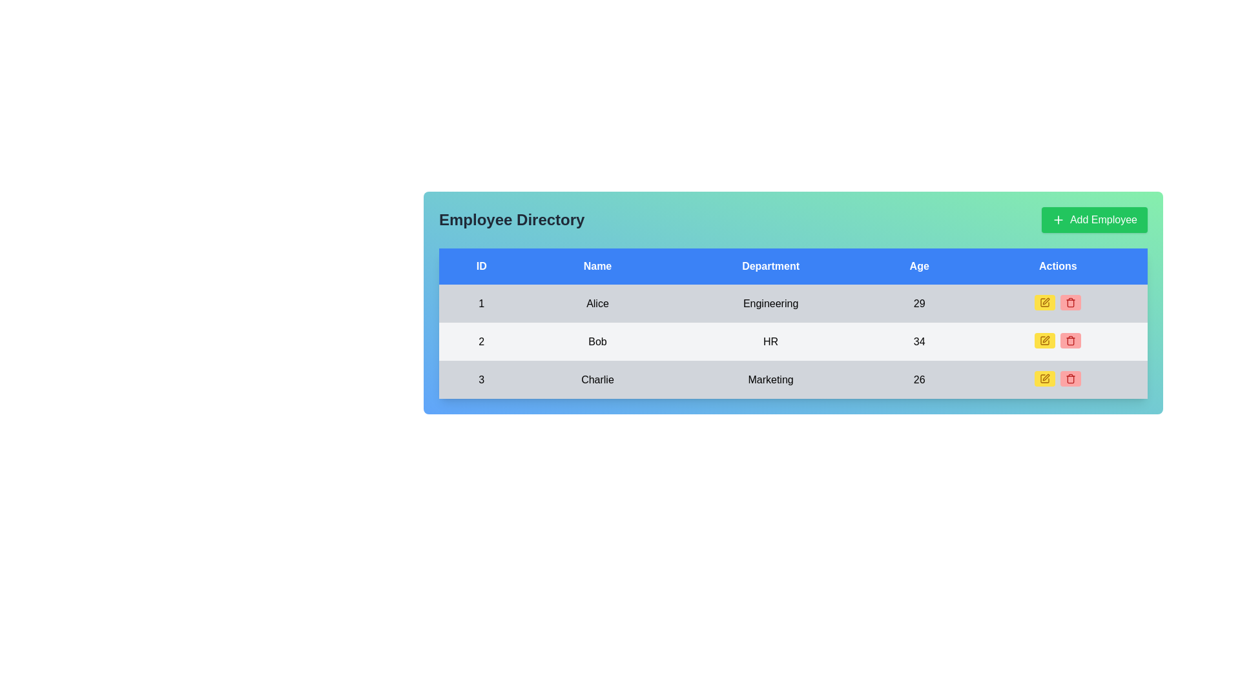 Image resolution: width=1240 pixels, height=697 pixels. I want to click on the red trash can icon button located in the Actions column of the second row of the data table, so click(1071, 303).